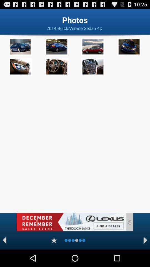 The width and height of the screenshot is (150, 267). Describe the element at coordinates (4, 240) in the screenshot. I see `go back` at that location.